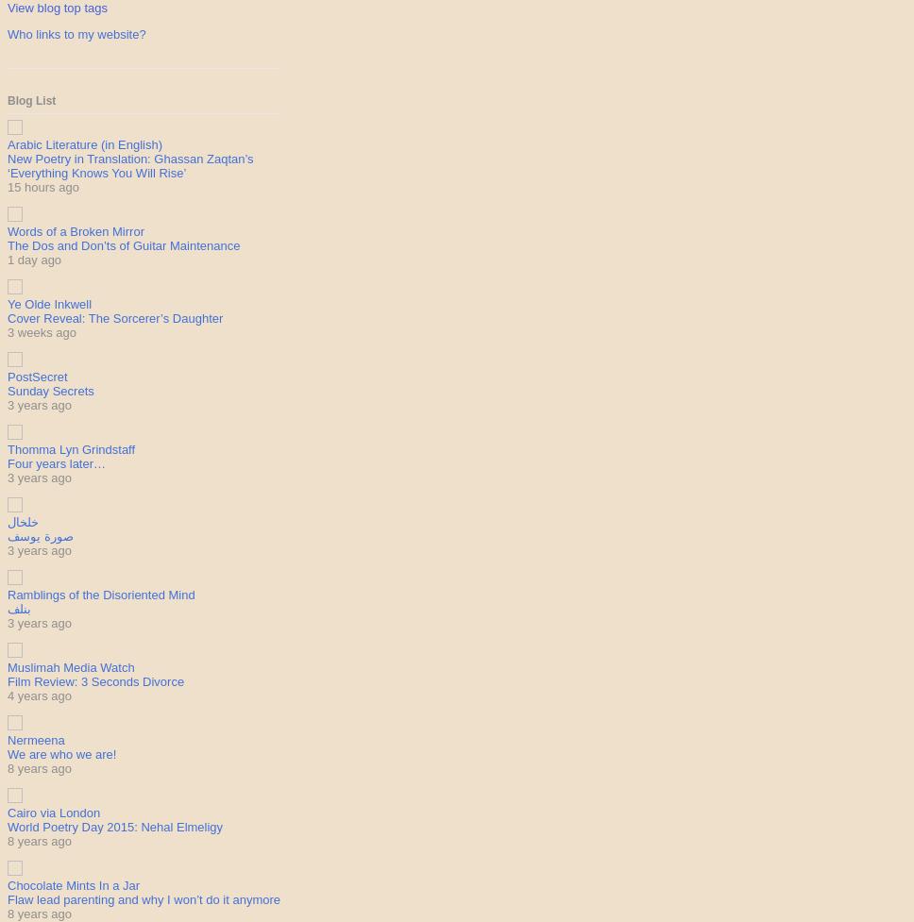  Describe the element at coordinates (73, 884) in the screenshot. I see `'Chocolate Mints In a Jar'` at that location.